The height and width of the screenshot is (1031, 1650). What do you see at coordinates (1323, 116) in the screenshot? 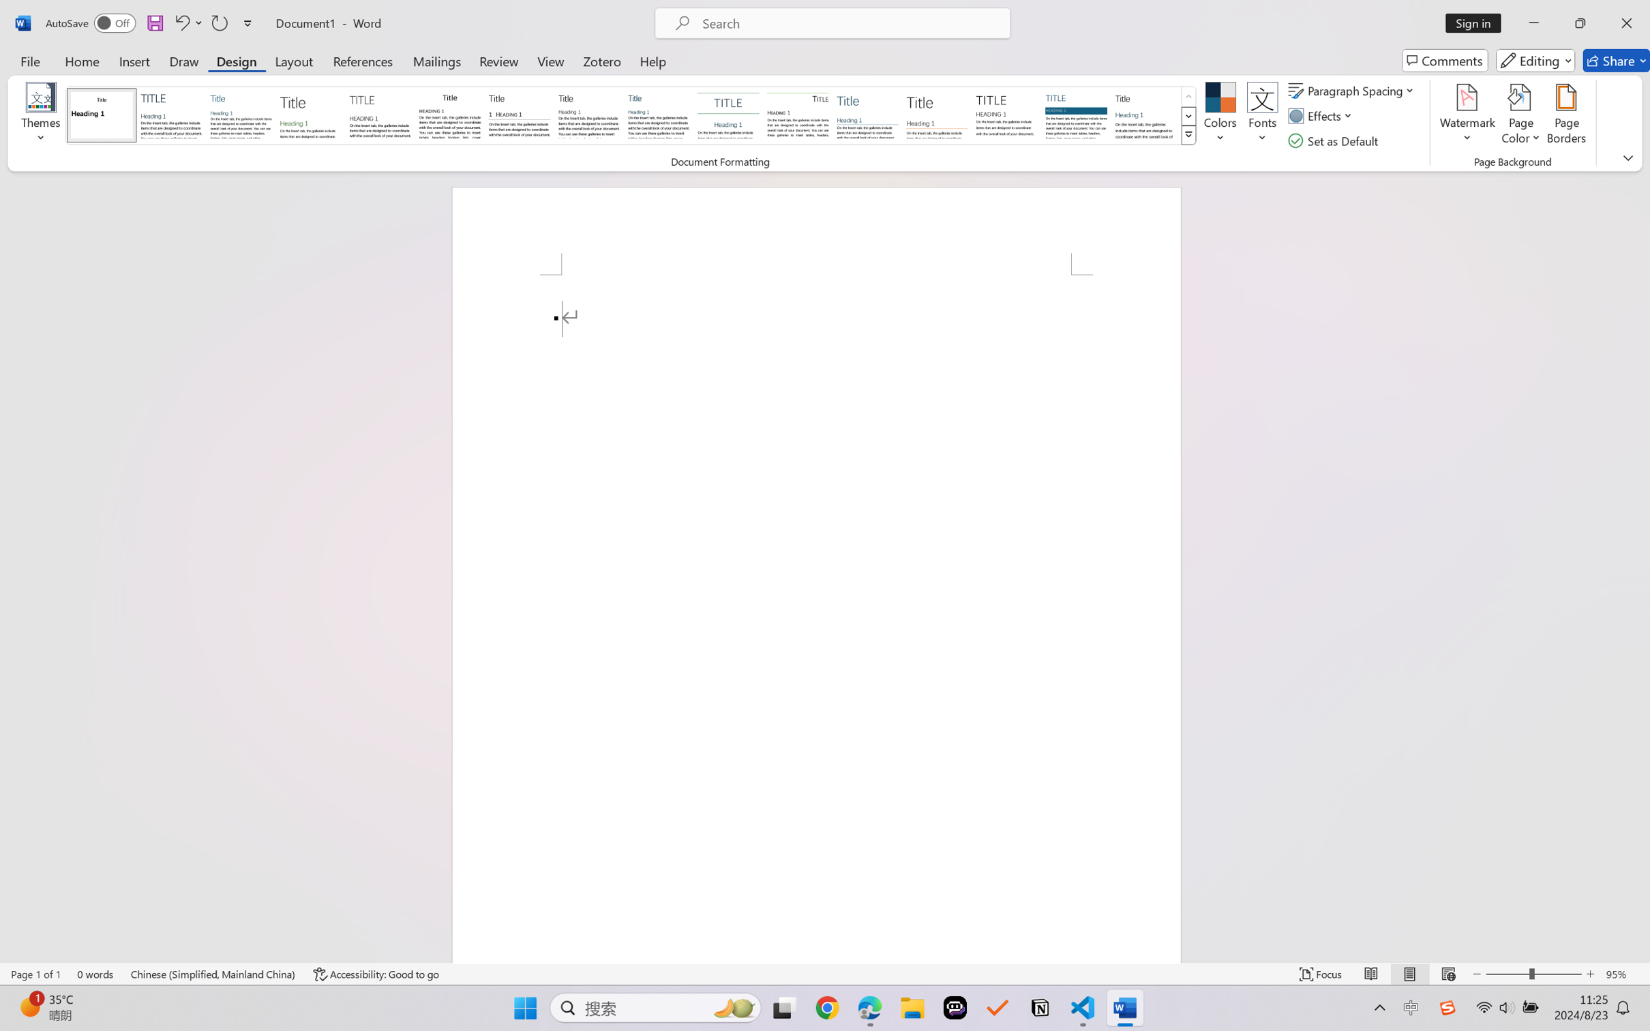
I see `'Effects'` at bounding box center [1323, 116].